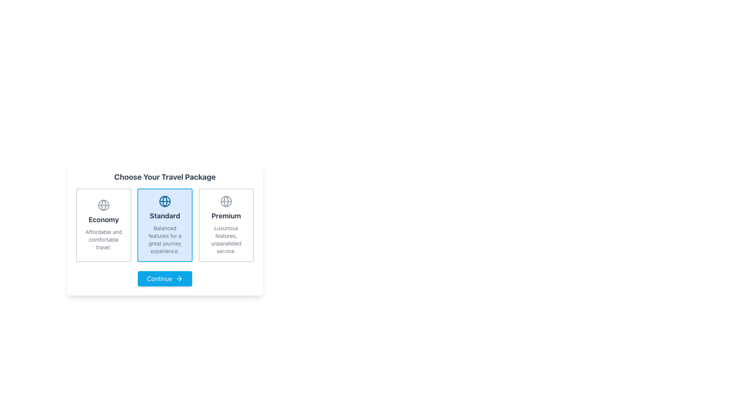 The height and width of the screenshot is (413, 735). Describe the element at coordinates (165, 216) in the screenshot. I see `label of the text element displaying 'Standard' in a bold, large gray font, centrally positioned within the blue card` at that location.